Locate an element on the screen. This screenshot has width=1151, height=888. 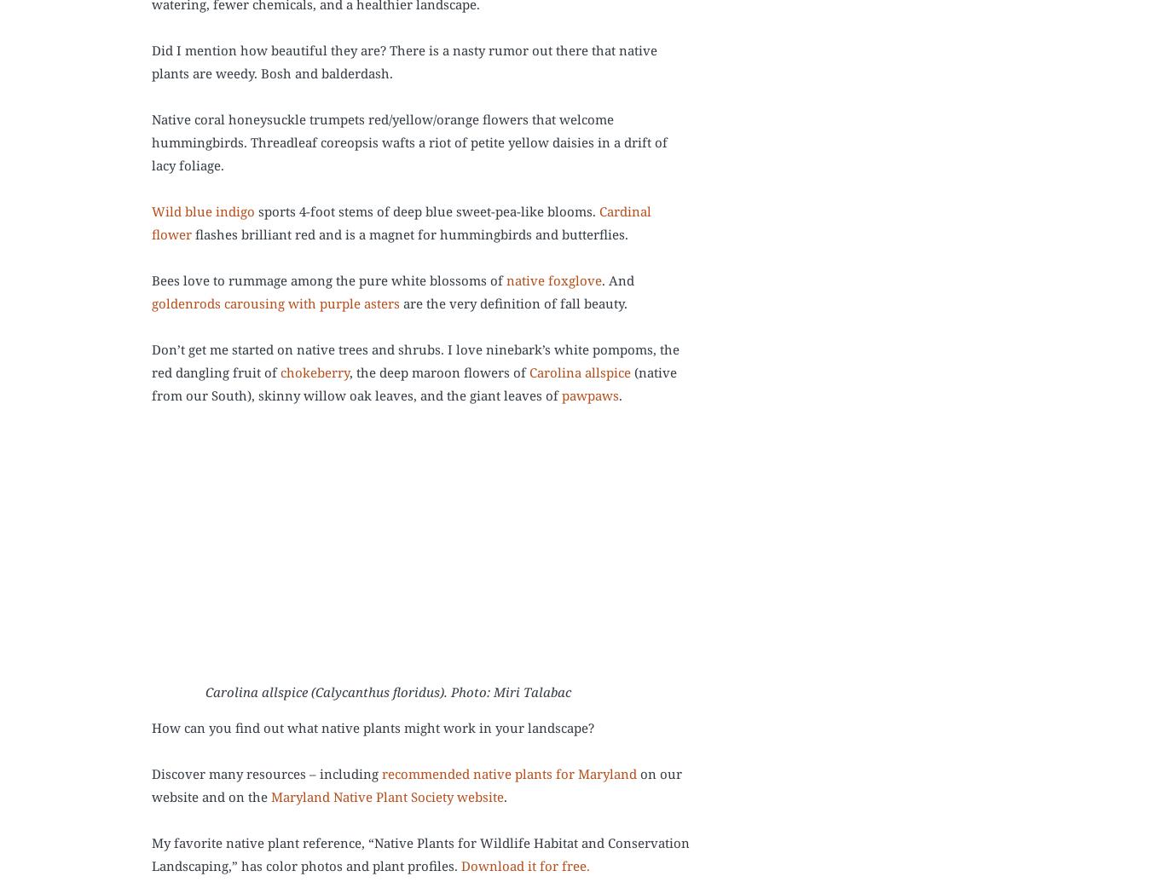
'are the very definition of fall beauty.' is located at coordinates (513, 303).